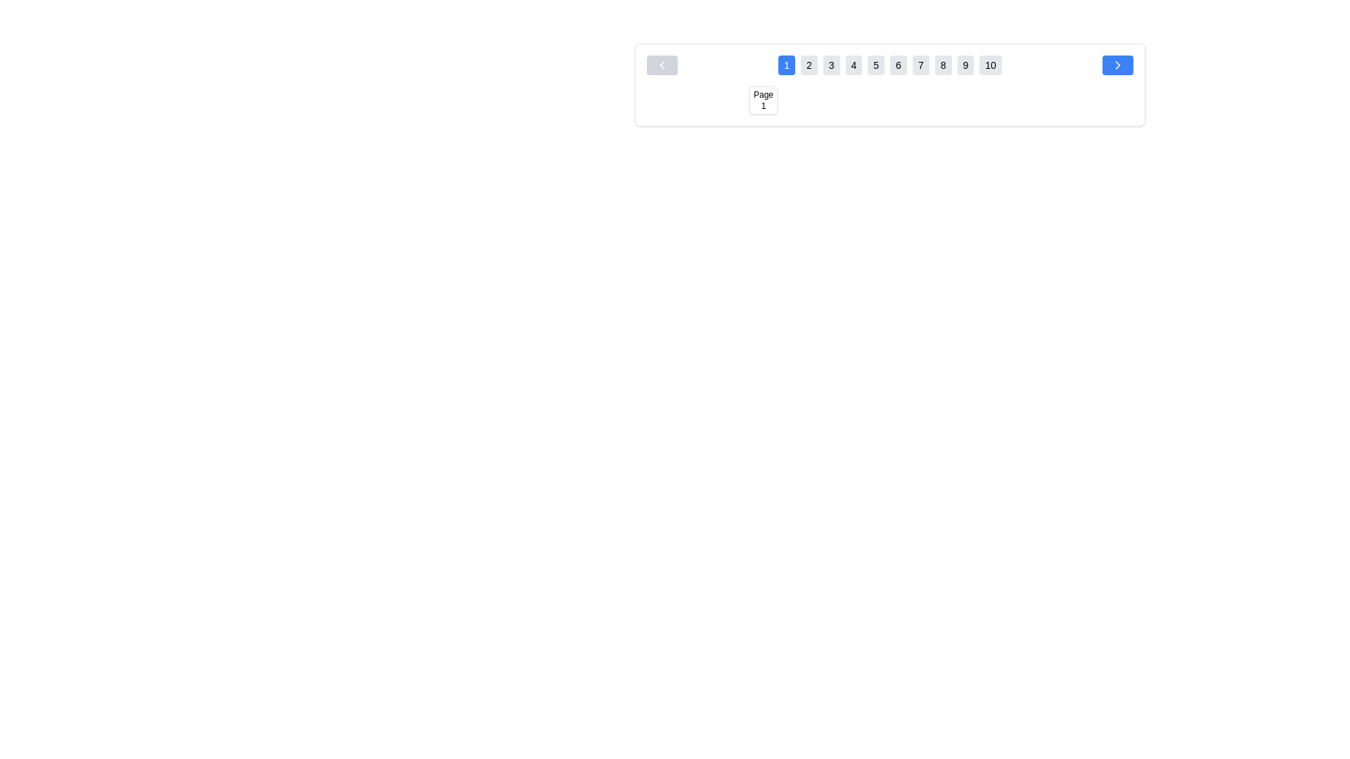  Describe the element at coordinates (831, 65) in the screenshot. I see `the rounded rectangular button labeled '3', which has a light gray background and is positioned between buttons '2' and '4'` at that location.